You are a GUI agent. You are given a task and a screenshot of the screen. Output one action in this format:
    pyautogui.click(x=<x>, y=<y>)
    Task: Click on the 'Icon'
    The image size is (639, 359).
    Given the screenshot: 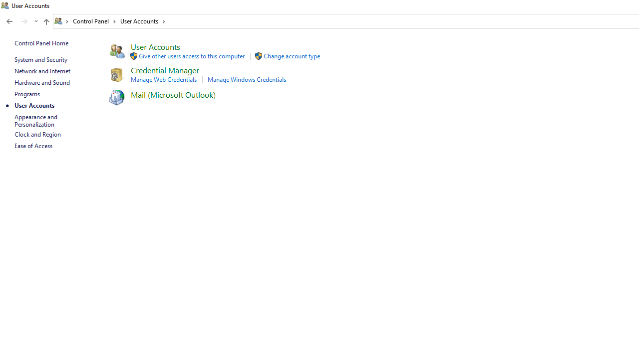 What is the action you would take?
    pyautogui.click(x=116, y=97)
    